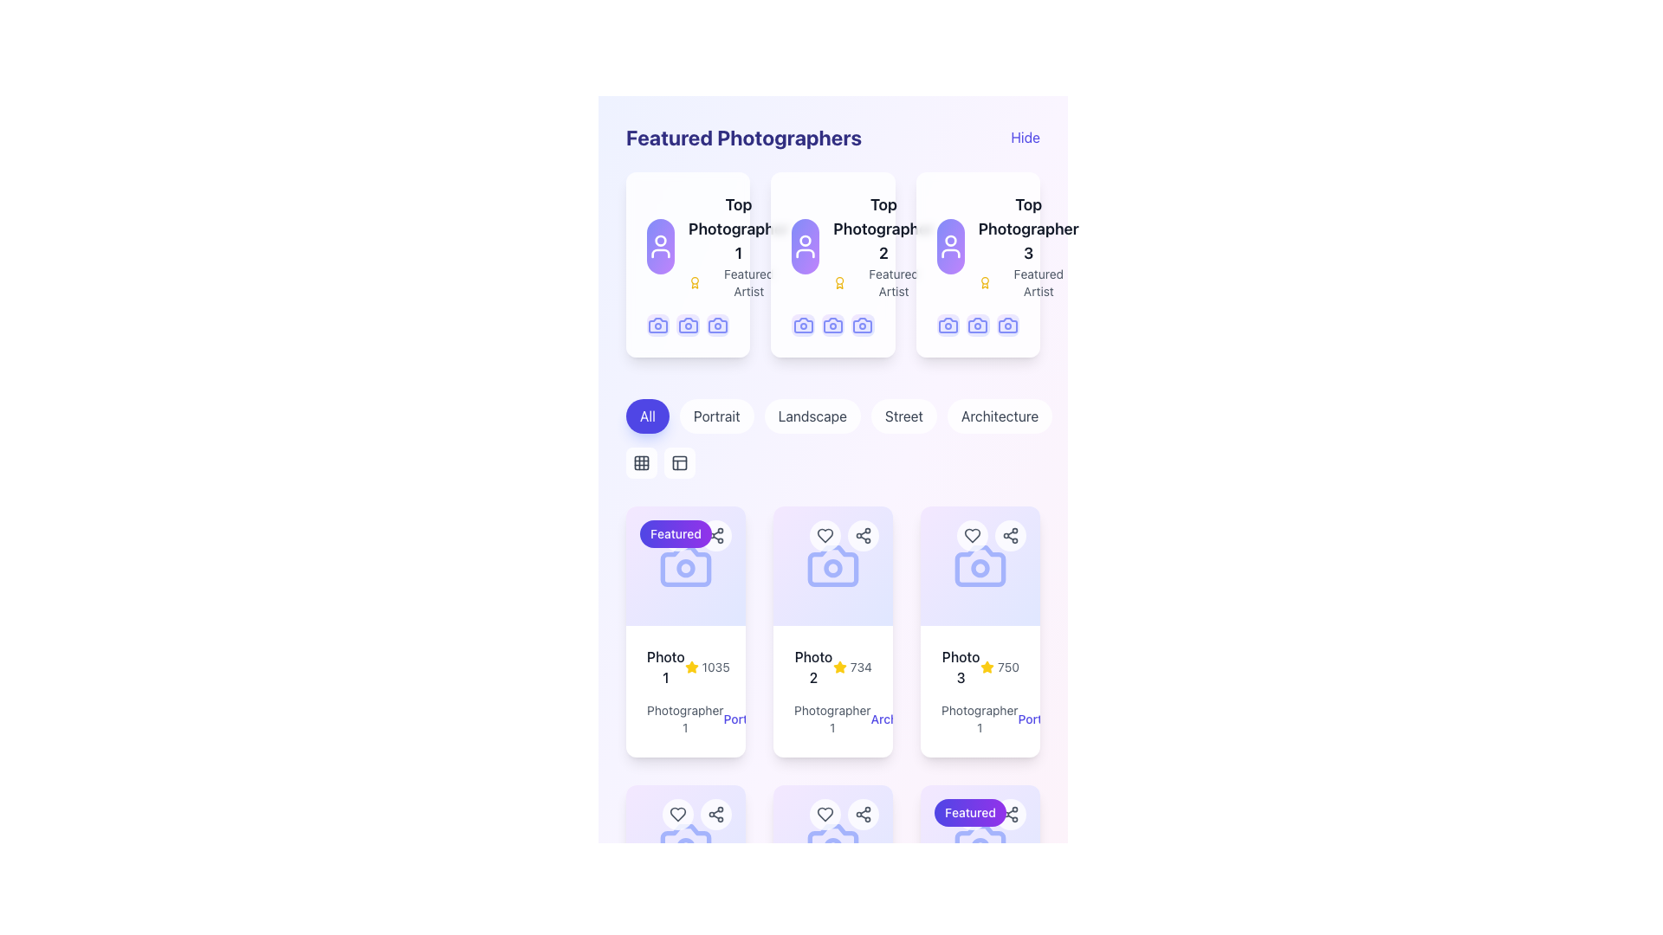 Image resolution: width=1663 pixels, height=935 pixels. What do you see at coordinates (825, 815) in the screenshot?
I see `the circular button with a gray heart icon located in the upper right corner of the card for 'Photo 2'` at bounding box center [825, 815].